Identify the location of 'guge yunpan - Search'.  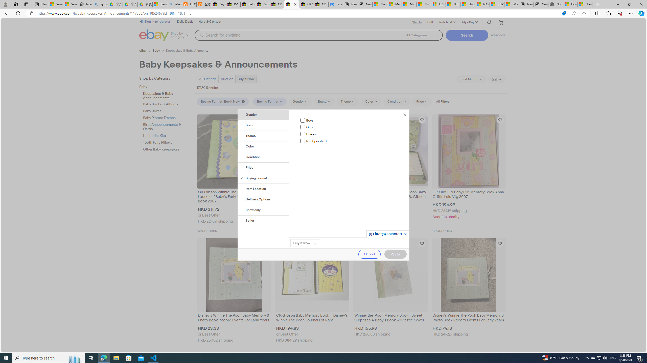
(100, 4).